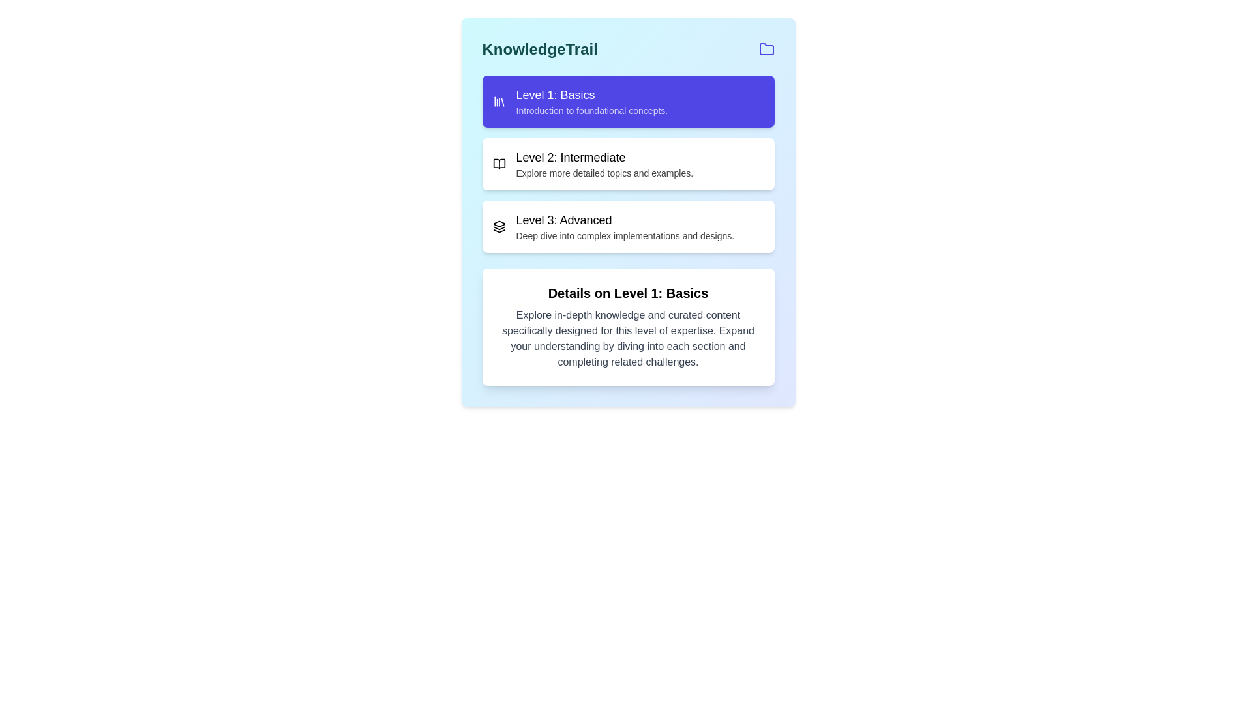 This screenshot has width=1252, height=704. I want to click on the icon resembling stacked layers, which is located to the left of the text 'Level 3: Advanced' in the list of levels, so click(498, 226).